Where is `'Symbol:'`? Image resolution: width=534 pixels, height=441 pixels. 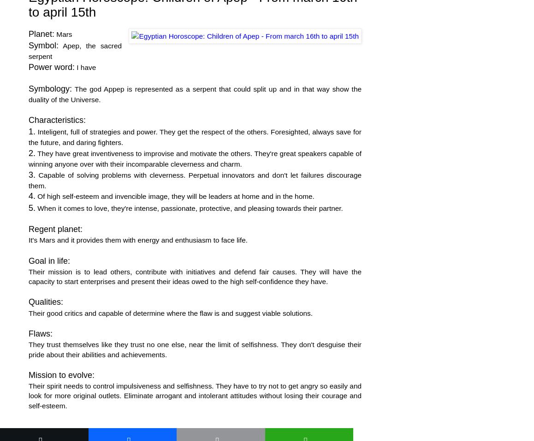
'Symbol:' is located at coordinates (43, 45).